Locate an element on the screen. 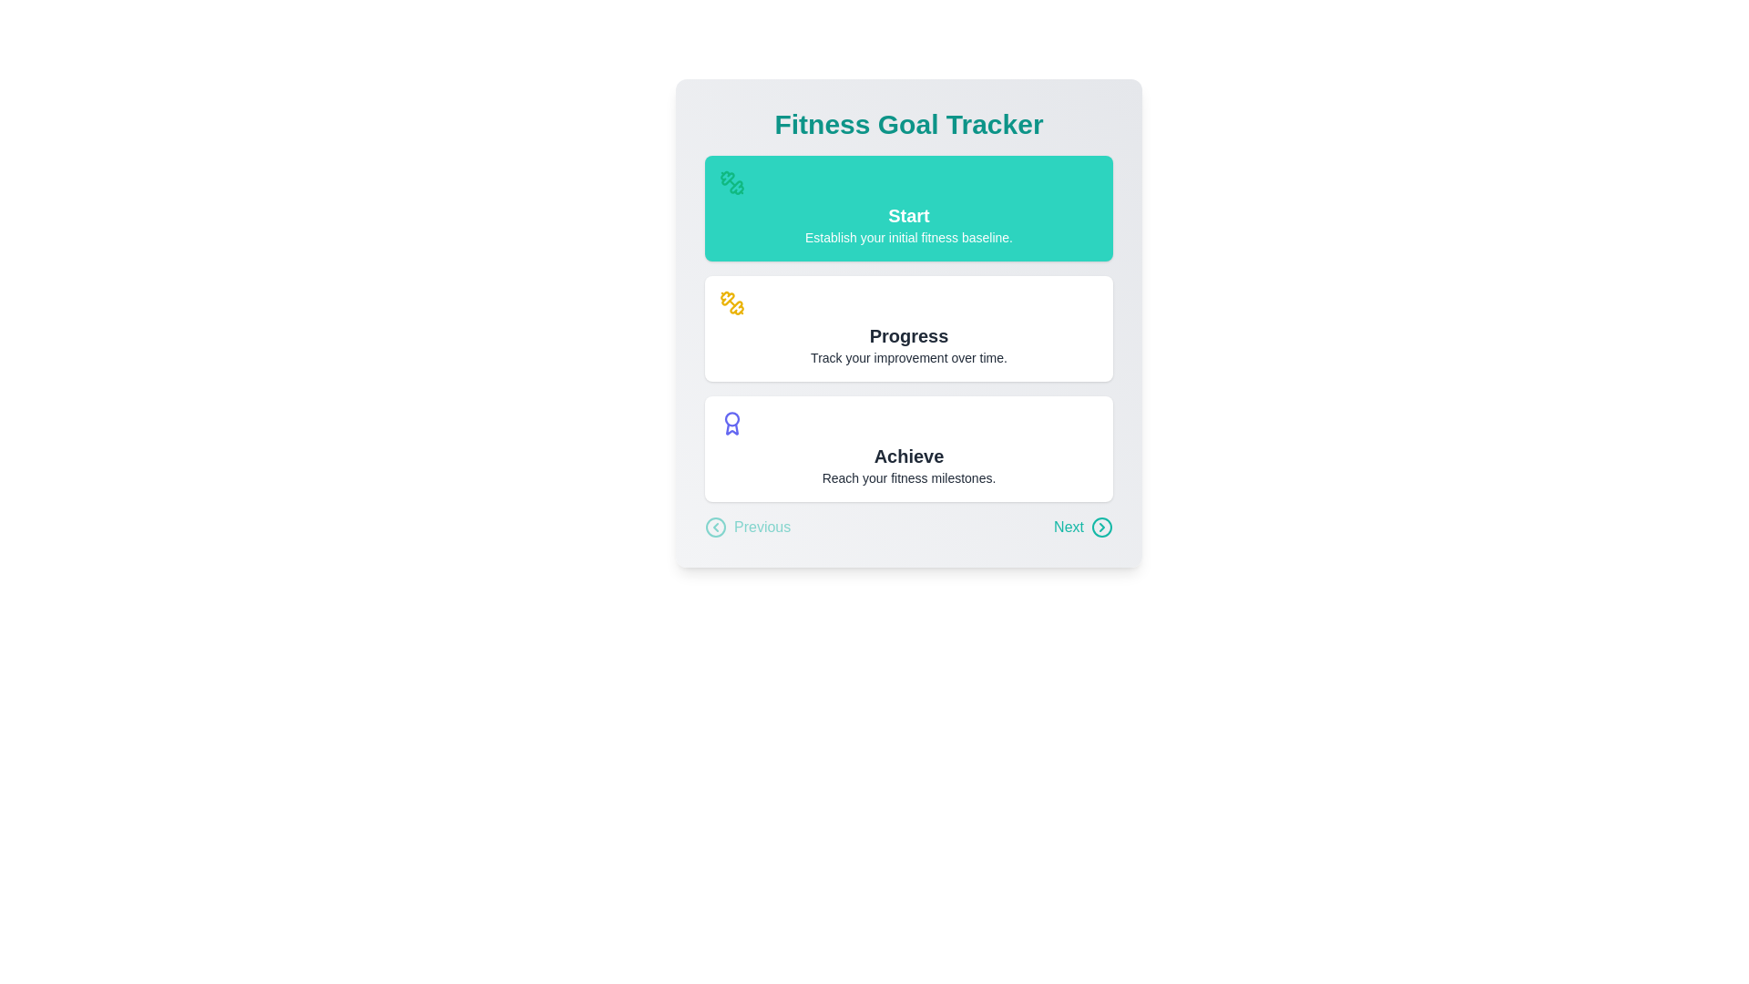 This screenshot has height=984, width=1749. information displayed on the 'Progress' step informational card, which is the middle card in the Fitness Goal Tracker section is located at coordinates (909, 329).